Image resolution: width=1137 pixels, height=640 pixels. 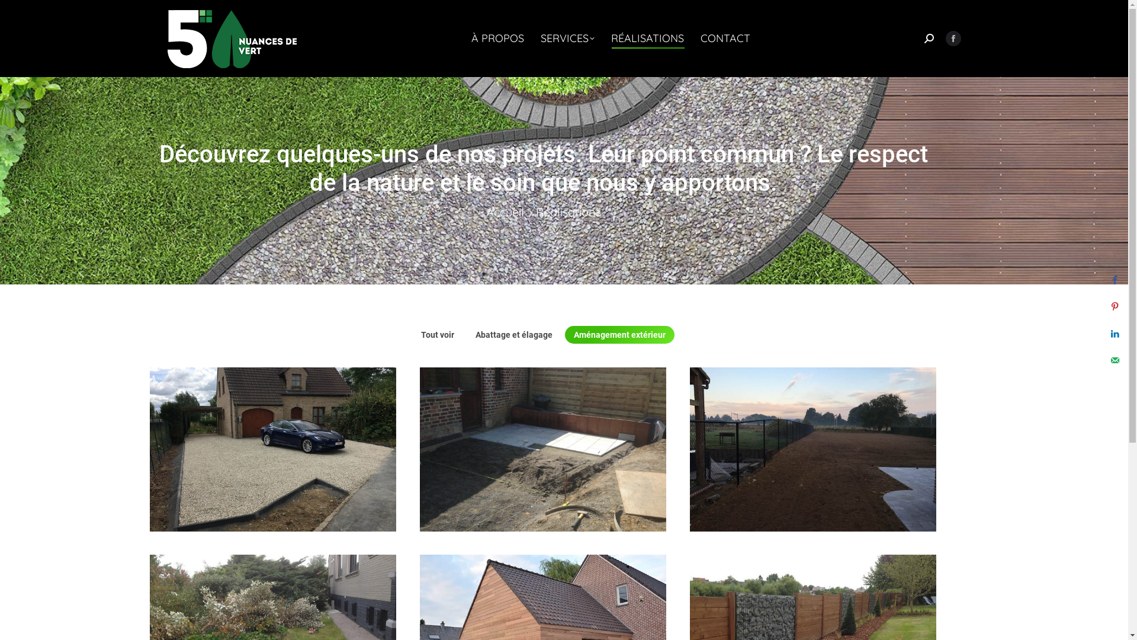 I want to click on 'SERVICES', so click(x=566, y=38).